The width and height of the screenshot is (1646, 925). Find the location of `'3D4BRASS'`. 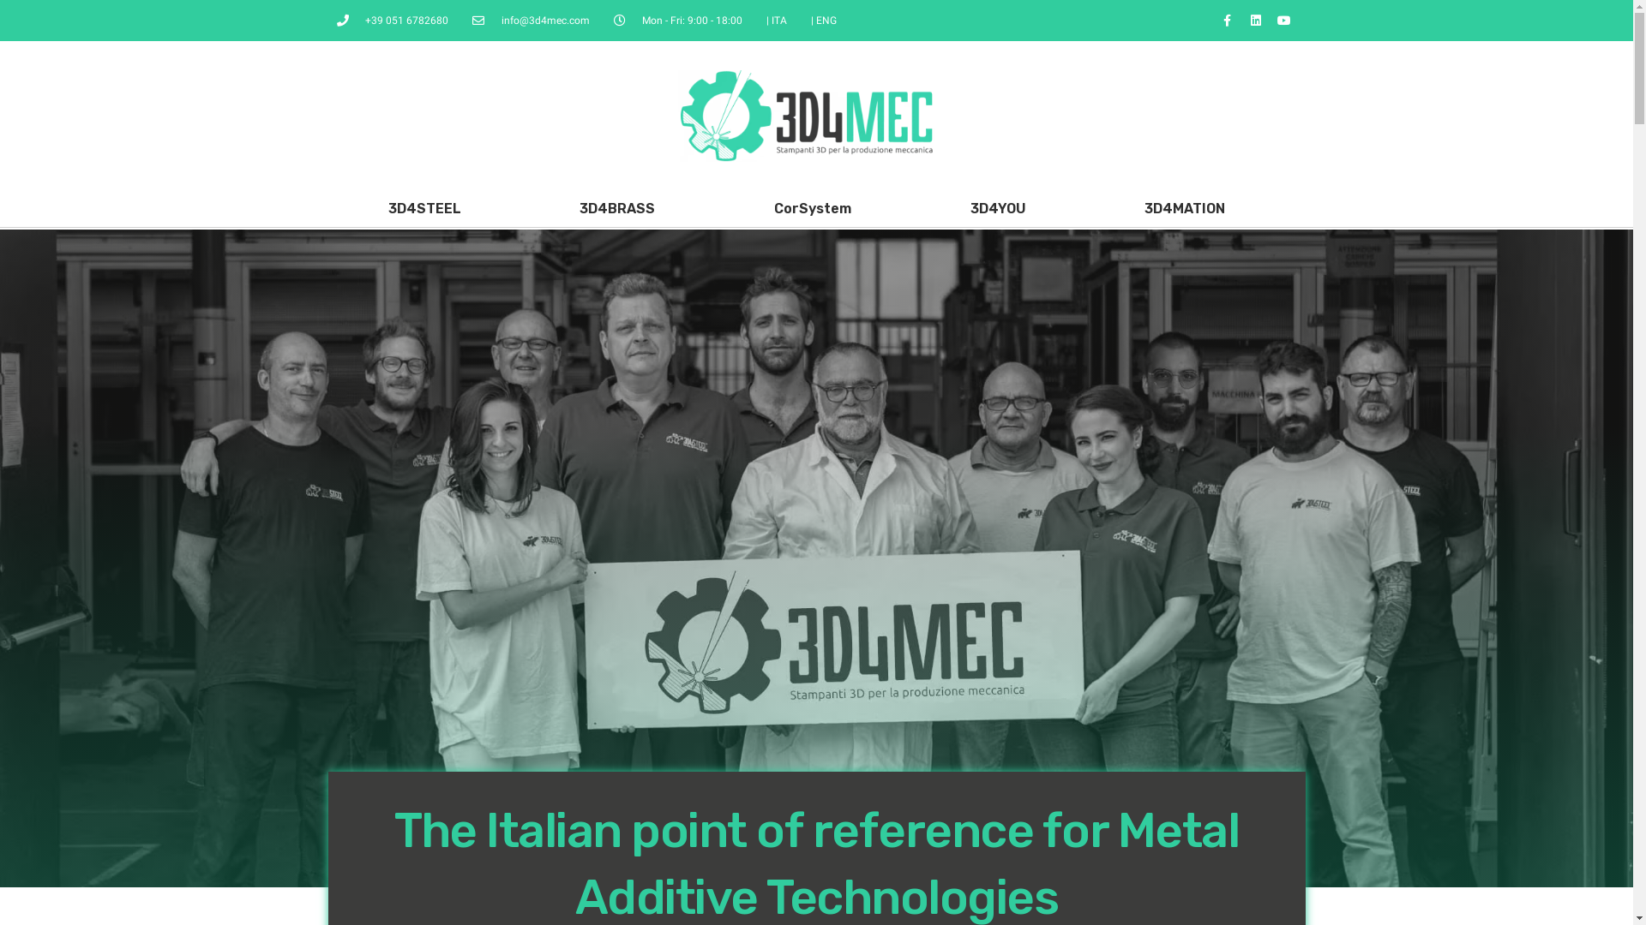

'3D4BRASS' is located at coordinates (617, 207).